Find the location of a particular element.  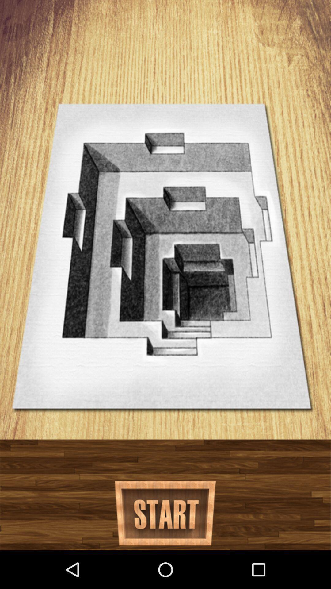

start now is located at coordinates (165, 513).